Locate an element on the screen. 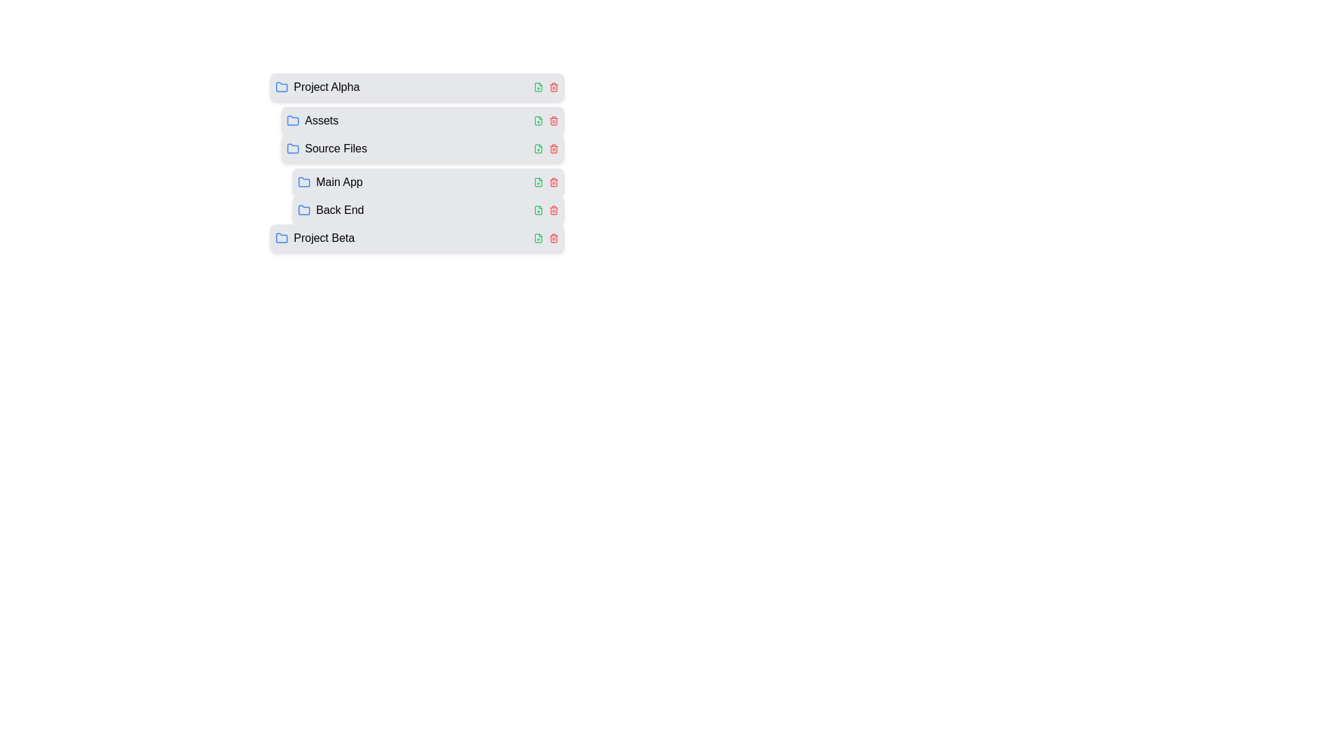 This screenshot has width=1343, height=755. the trash bin icon located at the far-right side of the 'Project Beta' row is located at coordinates (553, 237).